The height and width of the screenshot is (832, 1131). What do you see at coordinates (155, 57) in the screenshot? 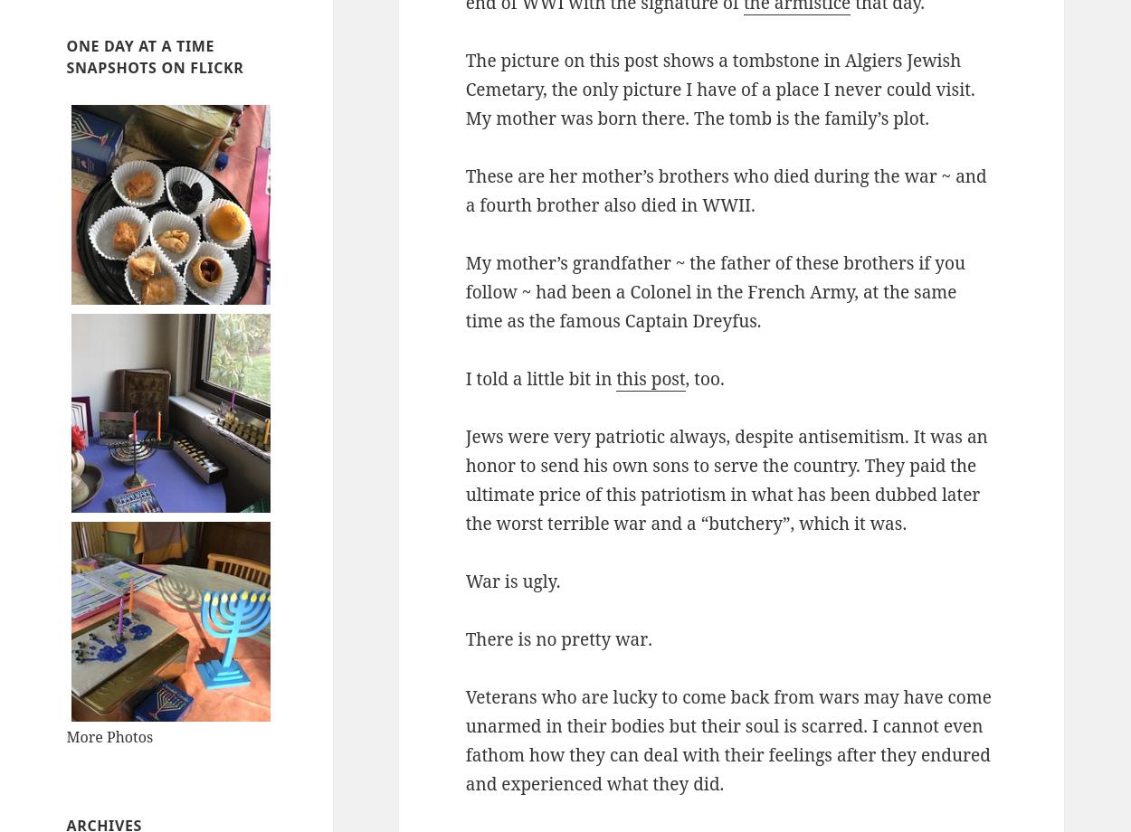
I see `'One Day at a Time snapshots on Flickr'` at bounding box center [155, 57].